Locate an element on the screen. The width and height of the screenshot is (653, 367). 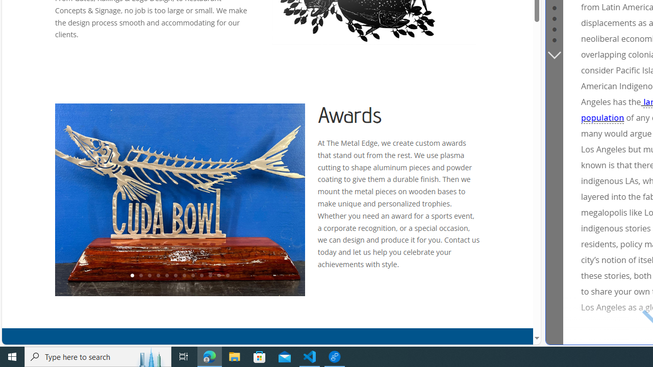
'Next section' is located at coordinates (554, 54).